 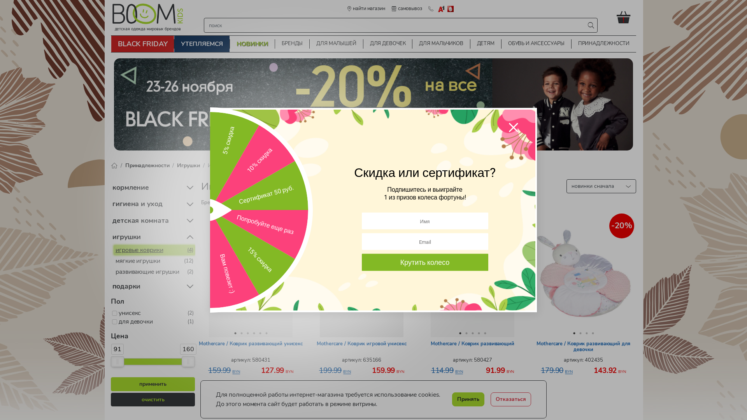 What do you see at coordinates (478, 332) in the screenshot?
I see `'4'` at bounding box center [478, 332].